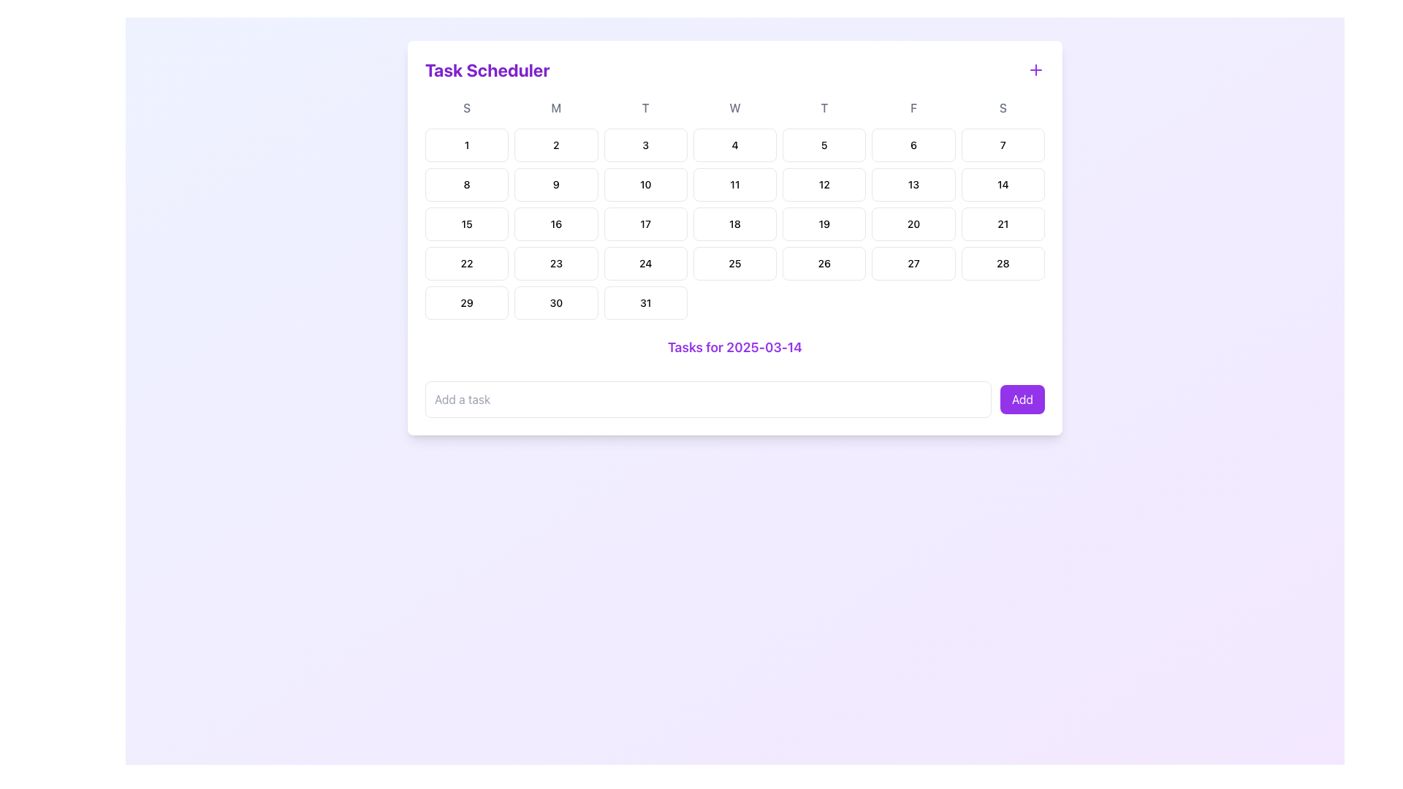 The height and width of the screenshot is (789, 1403). I want to click on the button representing the 29th day in the calendar month, located in the last row and first cell under the S column header, so click(466, 302).